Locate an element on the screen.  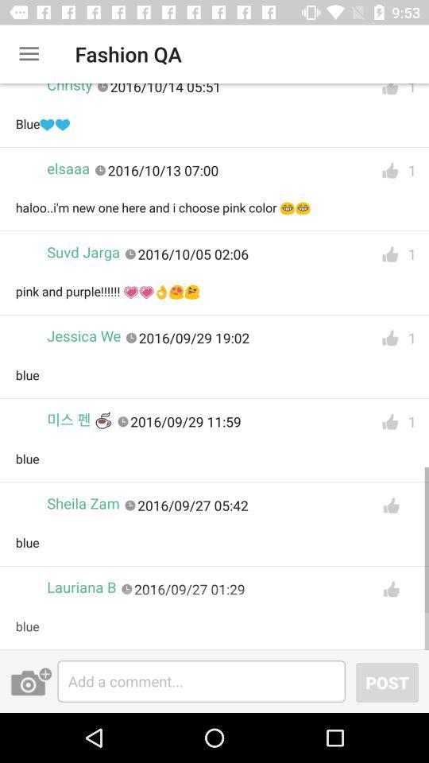
the item above blue item is located at coordinates (79, 419).